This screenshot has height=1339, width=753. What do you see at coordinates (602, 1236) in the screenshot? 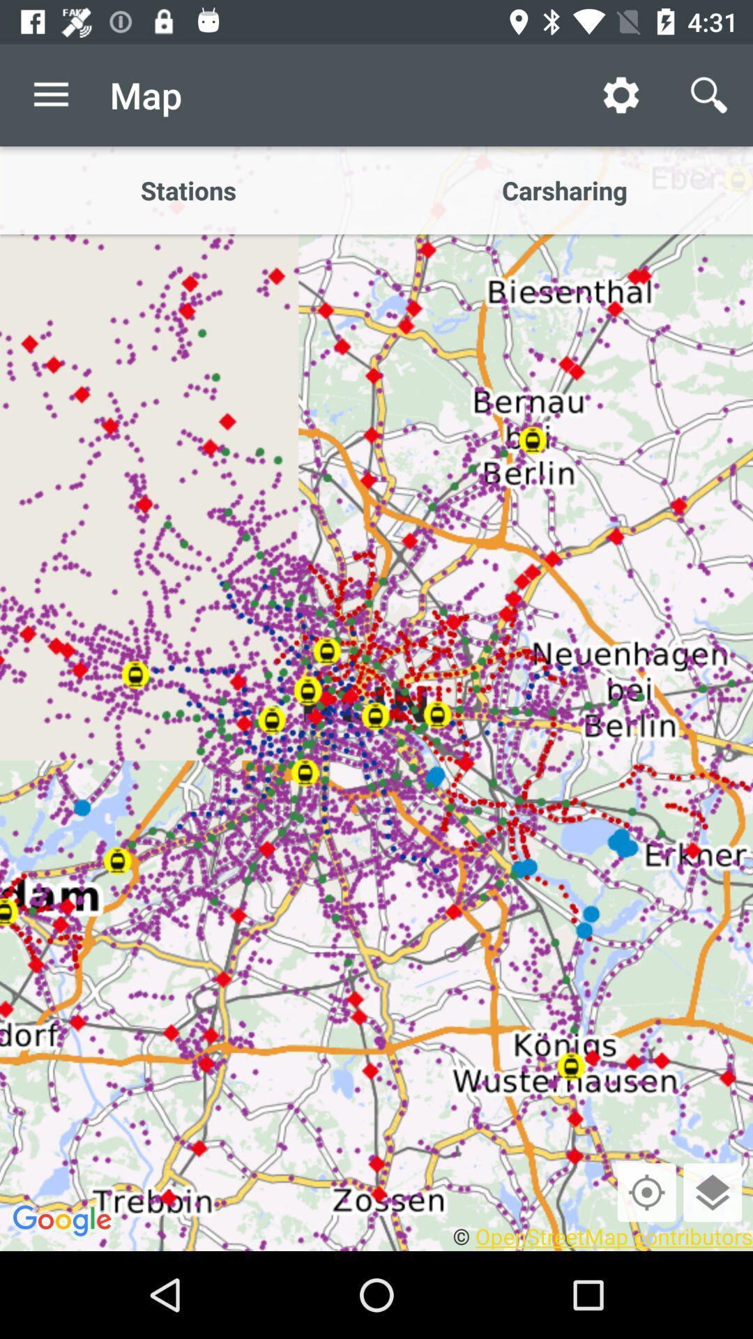
I see `the text bottom of right corner` at bounding box center [602, 1236].